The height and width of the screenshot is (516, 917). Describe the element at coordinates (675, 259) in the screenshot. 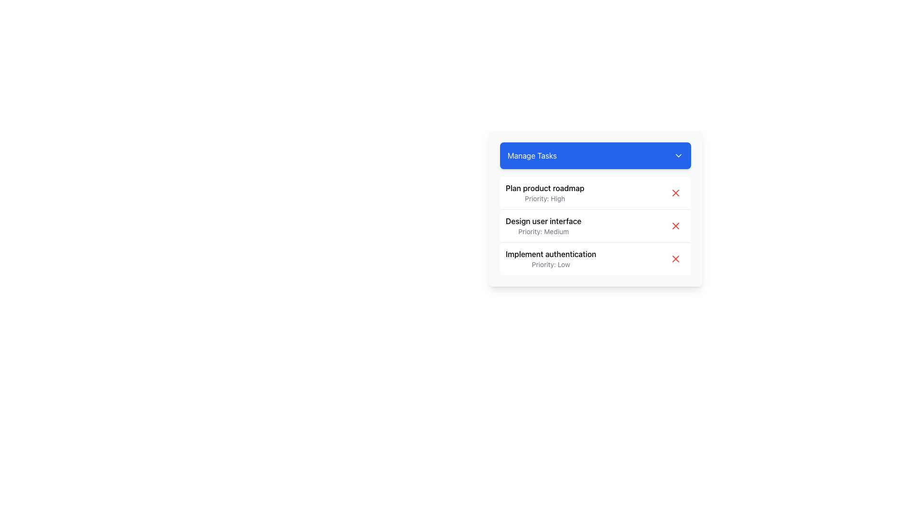

I see `the delete button located at the far right end of the task item labeled 'Implement authentication' with the description 'Priority: Low' under 'Manage Tasks'` at that location.